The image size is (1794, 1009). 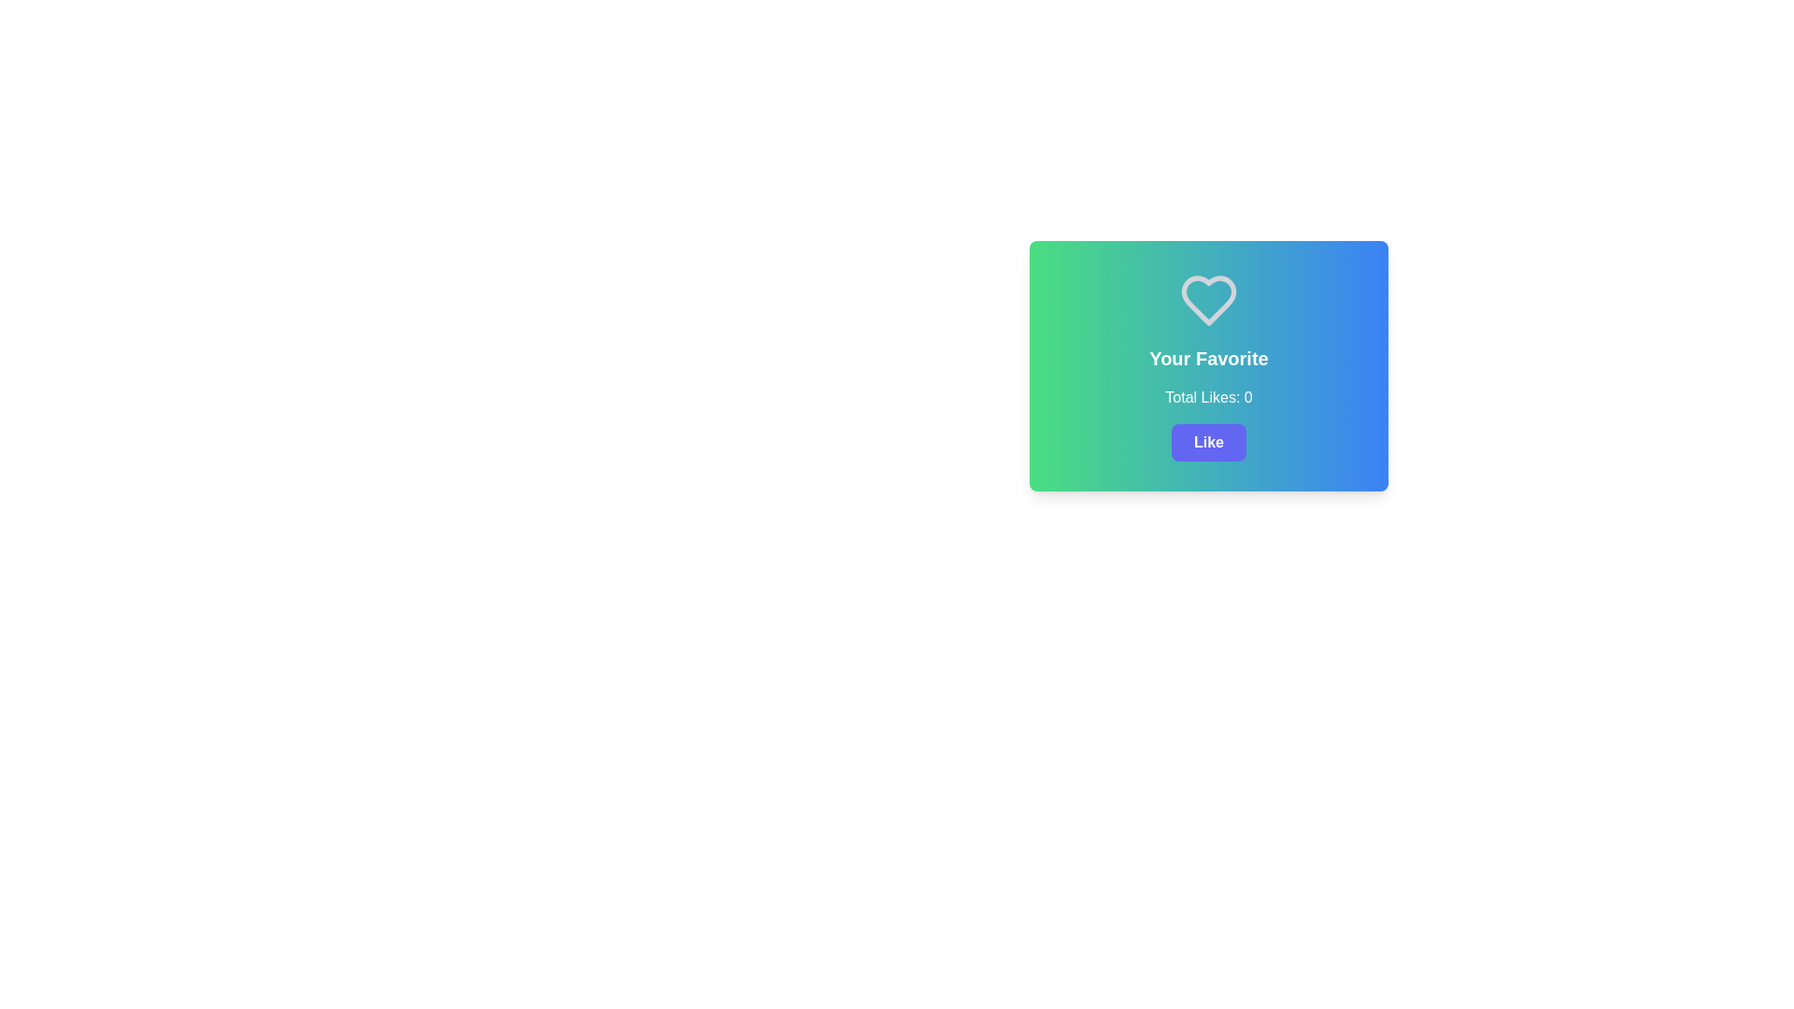 What do you see at coordinates (1209, 443) in the screenshot?
I see `the 'Like' button located below 'Total Likes: 0'` at bounding box center [1209, 443].